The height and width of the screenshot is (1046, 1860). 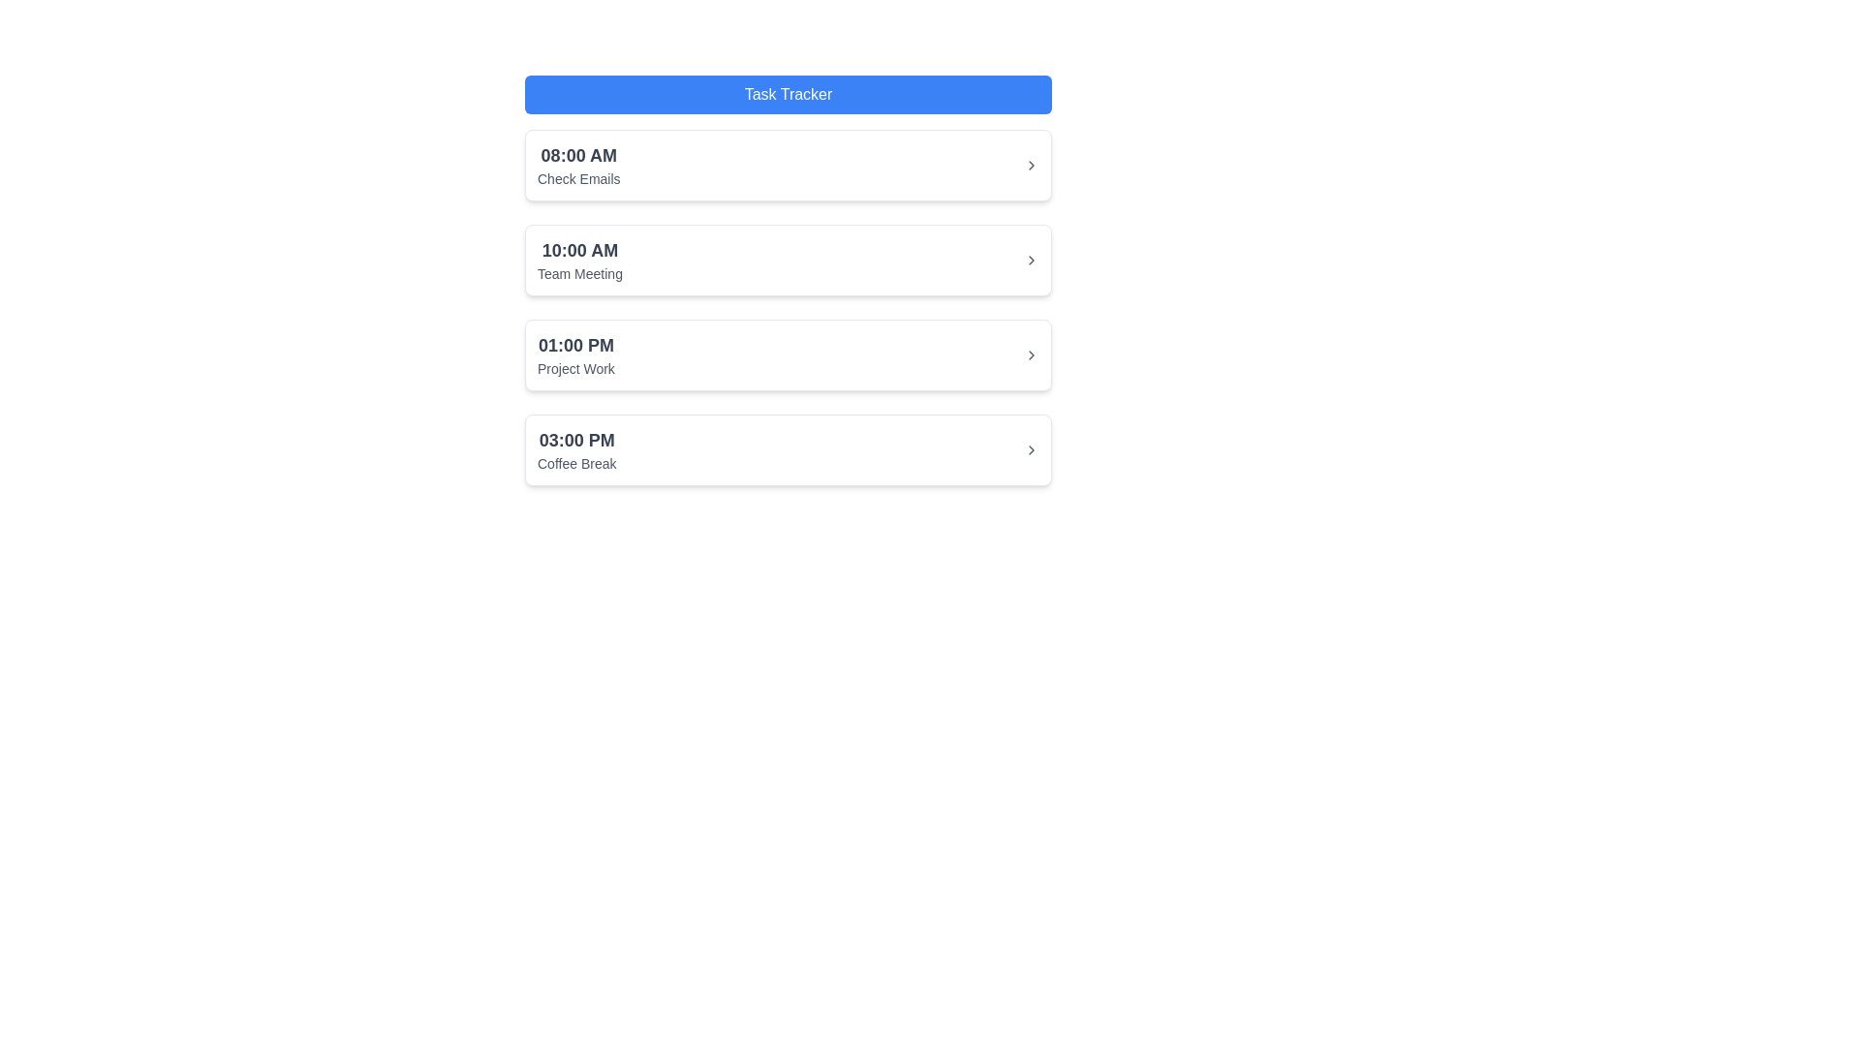 I want to click on the List Item displaying the scheduled task labeled 'Team Meeting' at '10:00 AM', which is the second card in the vertical list of schedule items, so click(x=579, y=260).